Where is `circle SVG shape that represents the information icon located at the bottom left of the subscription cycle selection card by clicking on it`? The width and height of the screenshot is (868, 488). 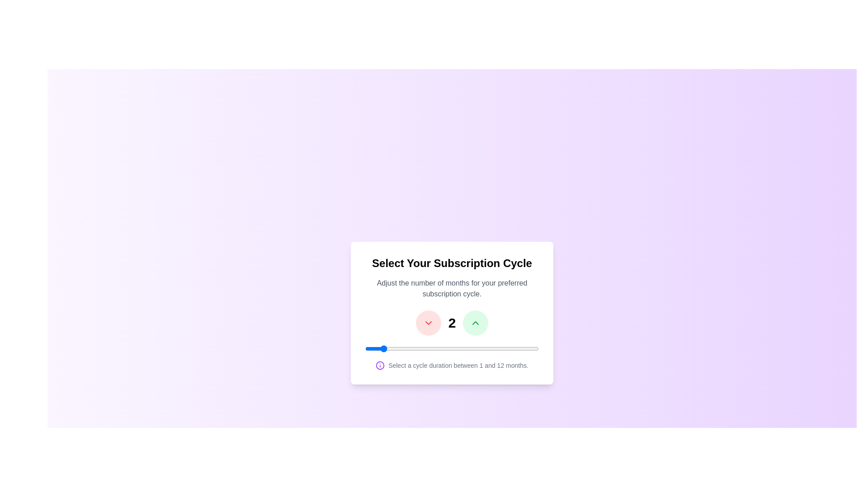 circle SVG shape that represents the information icon located at the bottom left of the subscription cycle selection card by clicking on it is located at coordinates (380, 365).